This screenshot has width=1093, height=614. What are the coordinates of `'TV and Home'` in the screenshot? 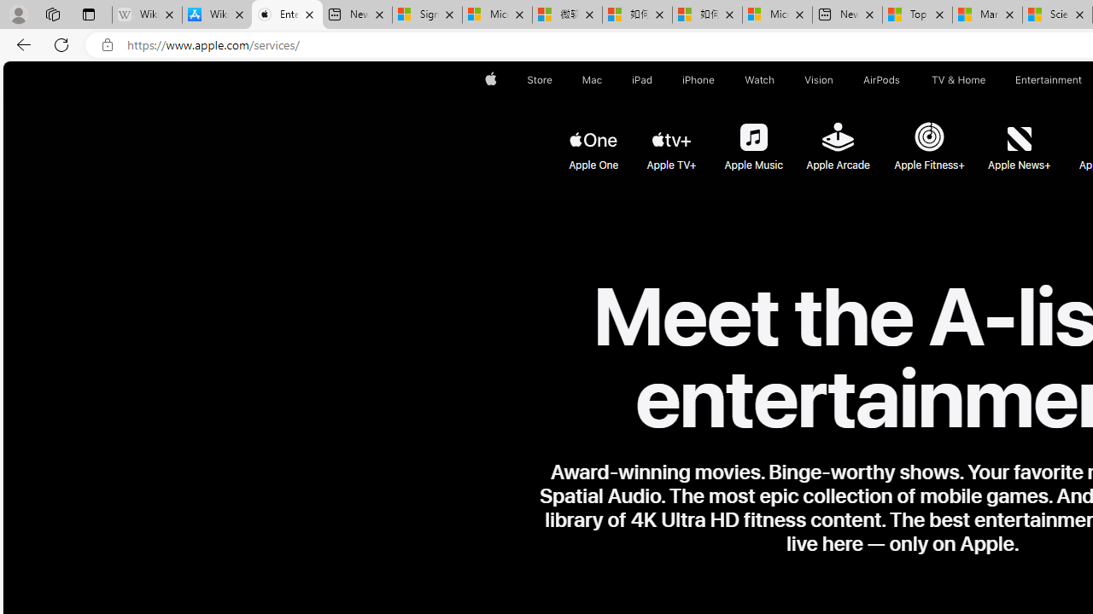 It's located at (958, 79).